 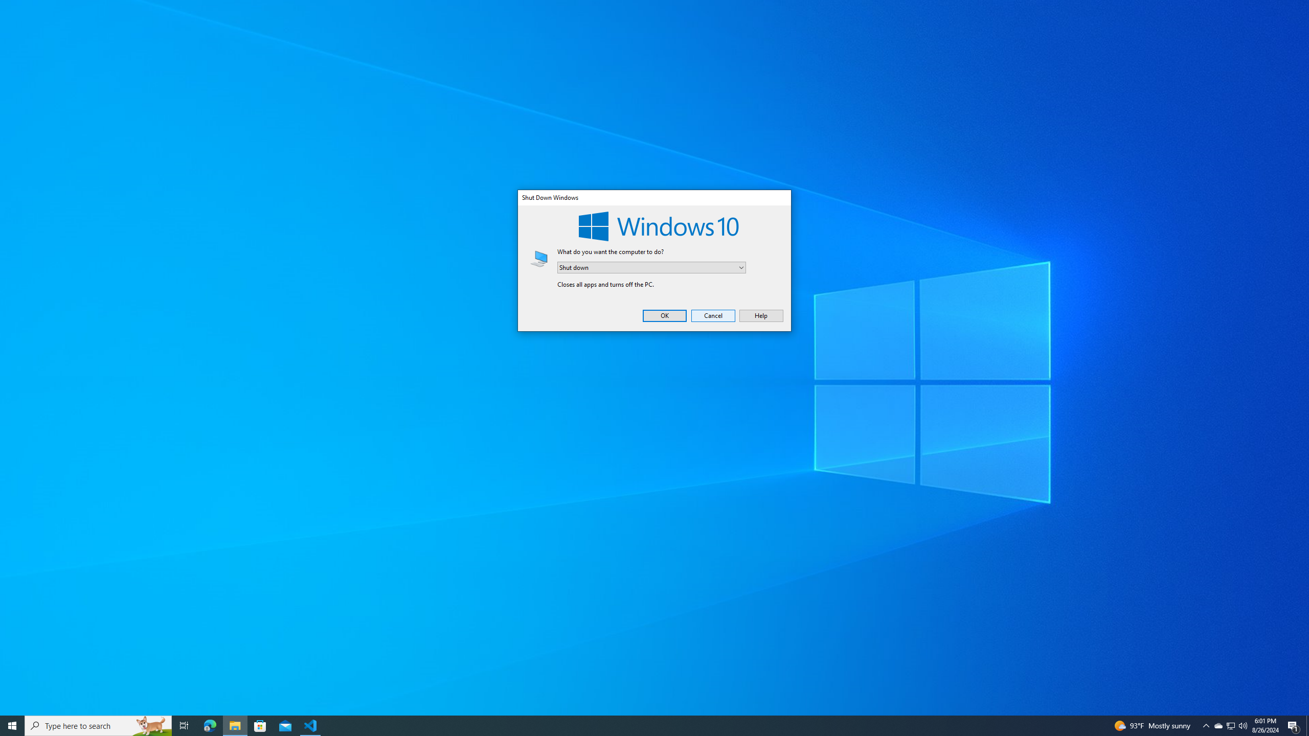 I want to click on 'Start', so click(x=12, y=725).